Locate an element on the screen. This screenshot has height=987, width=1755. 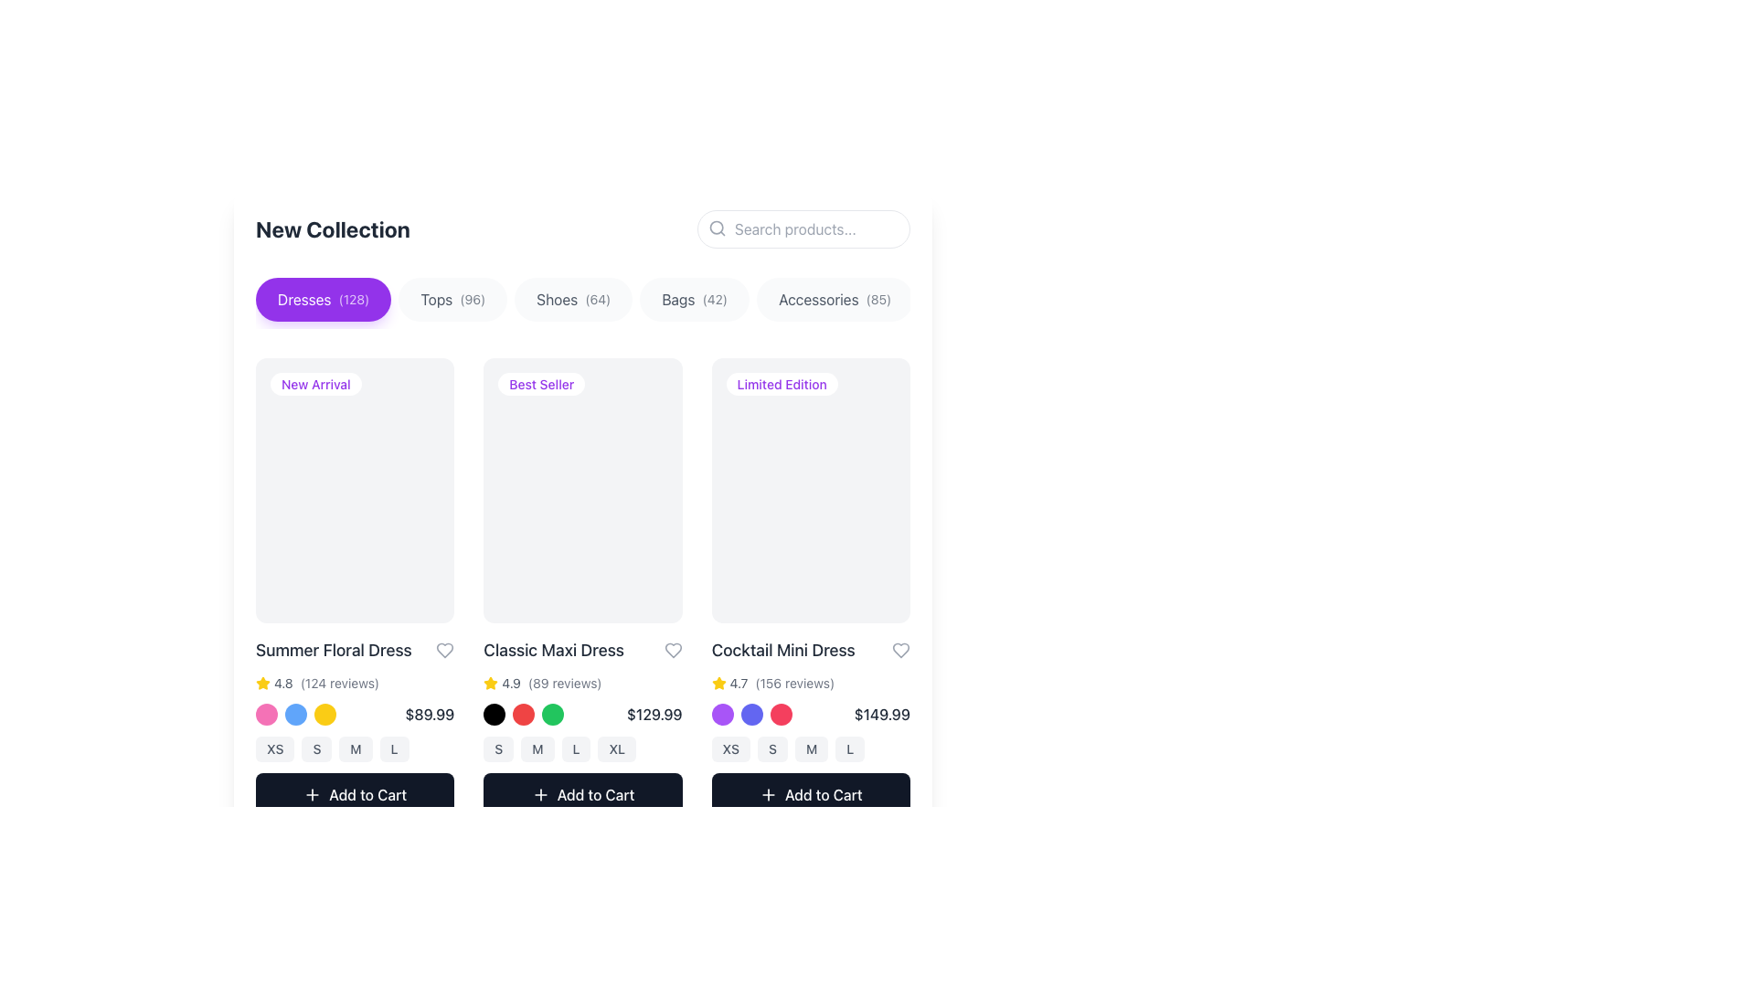
the 'Shoes (64)' button, which is styled with a rounded rectangular border and has a light gray background is located at coordinates (572, 298).